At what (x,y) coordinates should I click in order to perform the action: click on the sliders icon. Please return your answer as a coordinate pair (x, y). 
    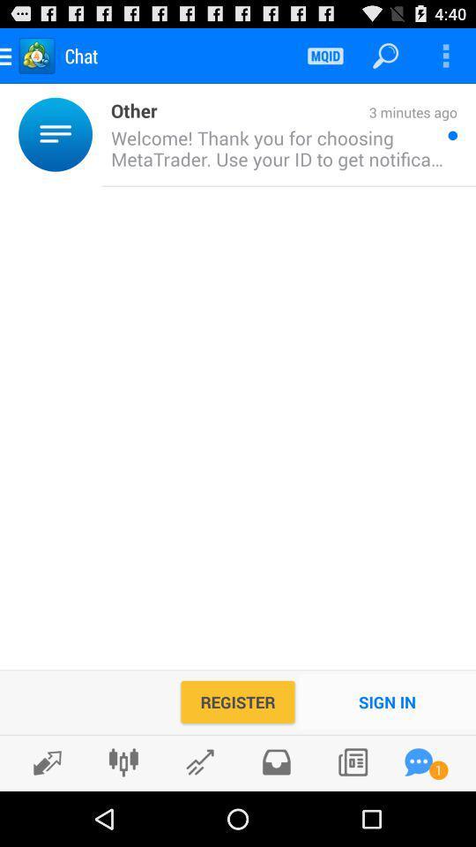
    Looking at the image, I should click on (123, 815).